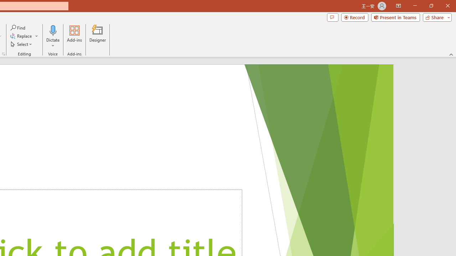  Describe the element at coordinates (18, 27) in the screenshot. I see `'Find...'` at that location.